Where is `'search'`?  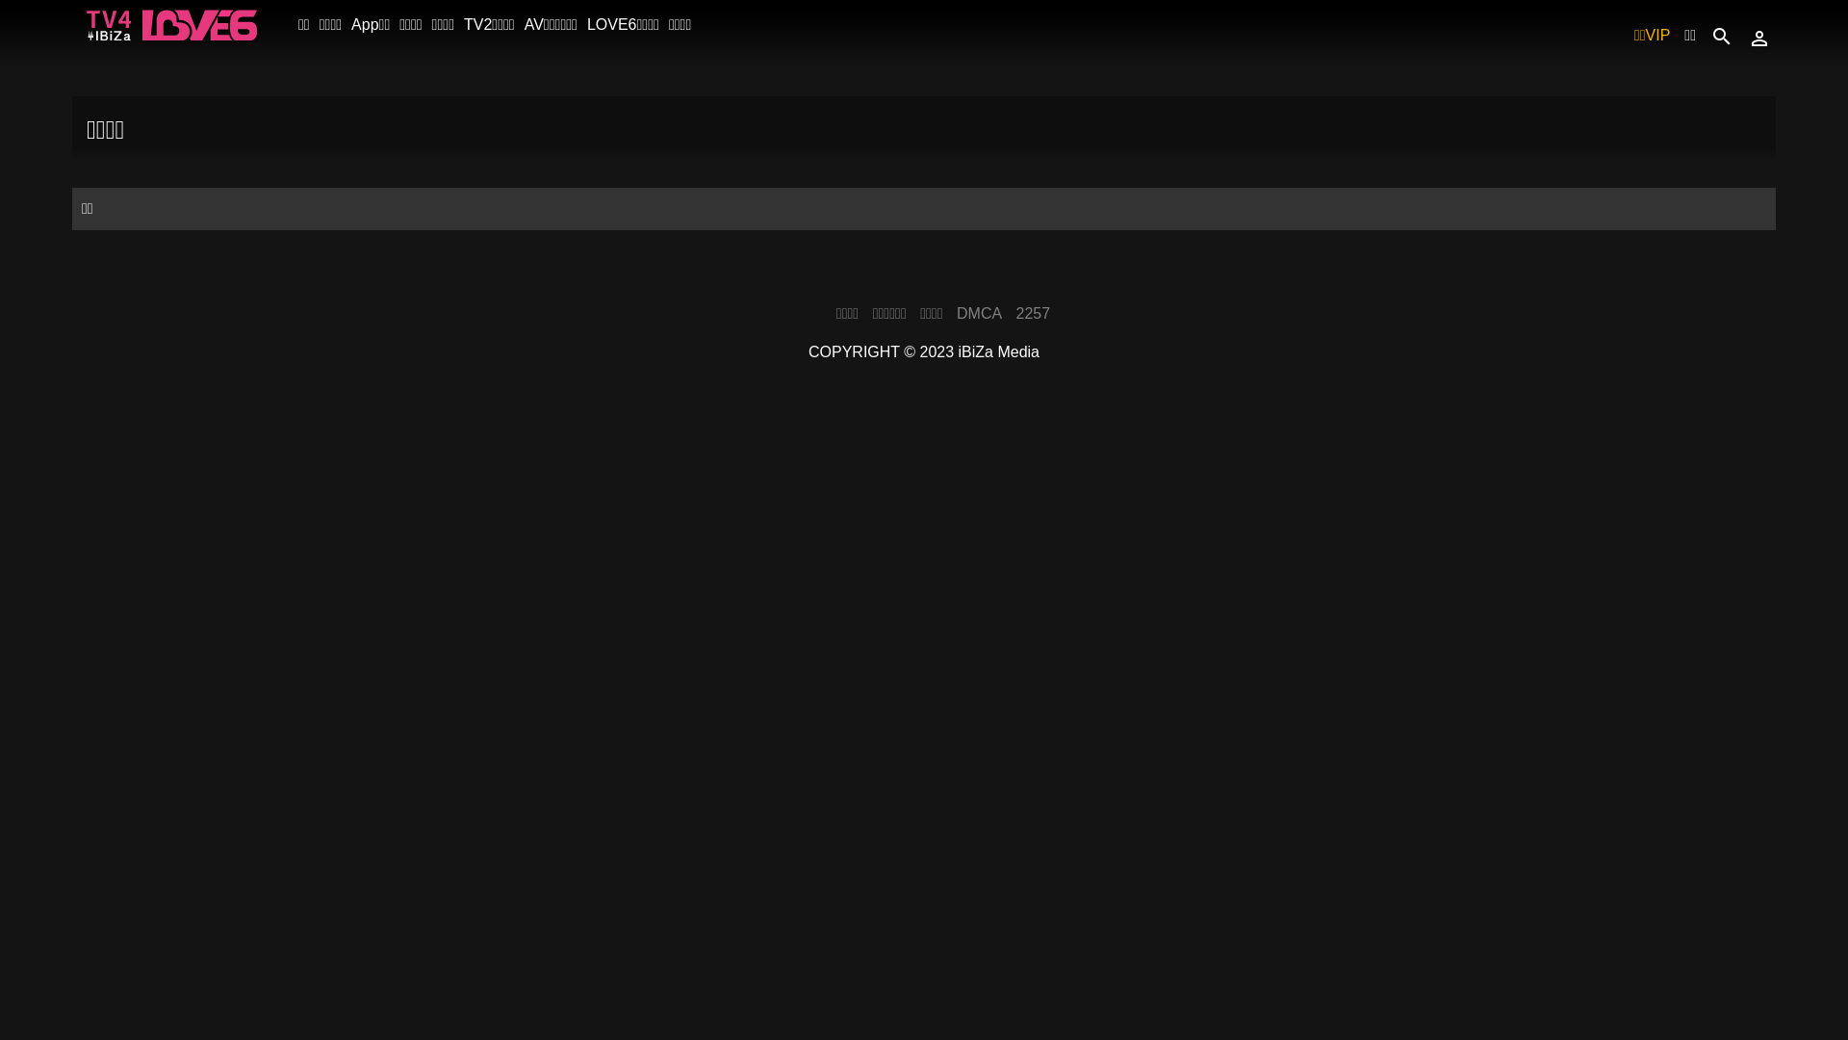
'search' is located at coordinates (1722, 35).